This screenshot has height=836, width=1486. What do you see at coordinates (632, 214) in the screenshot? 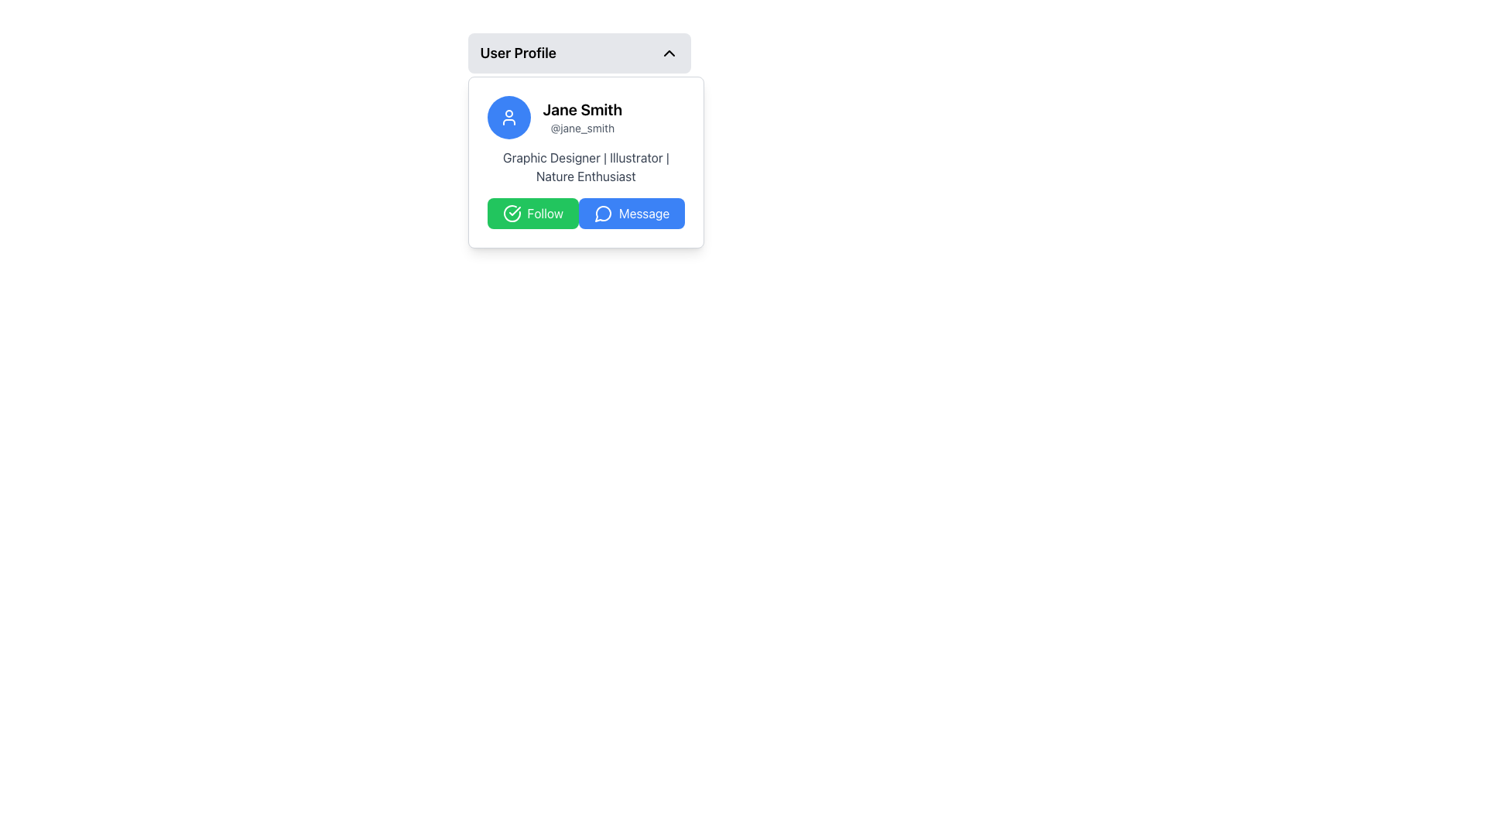
I see `the blue 'Message' button with white text and a speech bubble icon, located` at bounding box center [632, 214].